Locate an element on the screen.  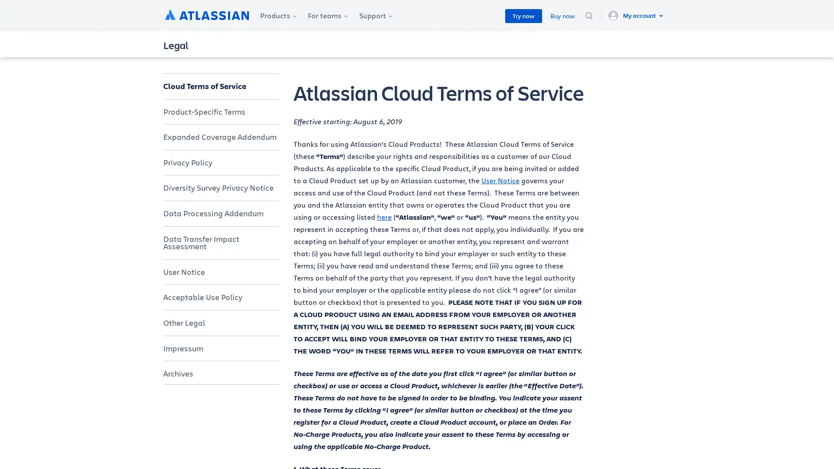
My account open is located at coordinates (636, 15).